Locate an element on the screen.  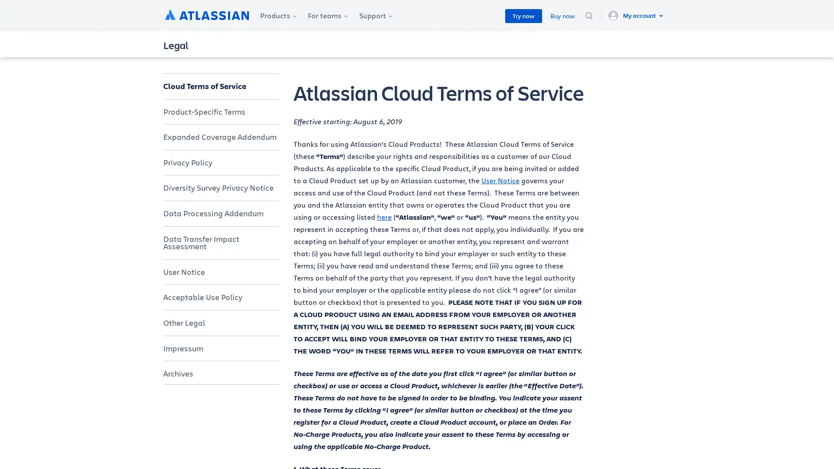
My account open is located at coordinates (636, 15).